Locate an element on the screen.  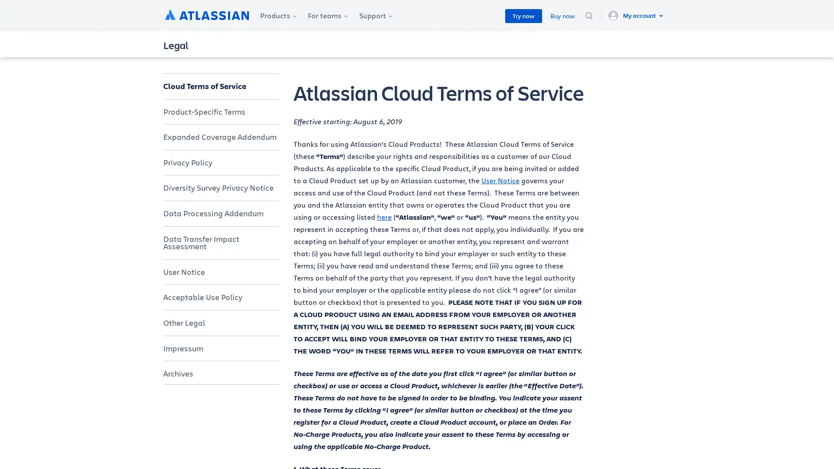
My account open is located at coordinates (636, 15).